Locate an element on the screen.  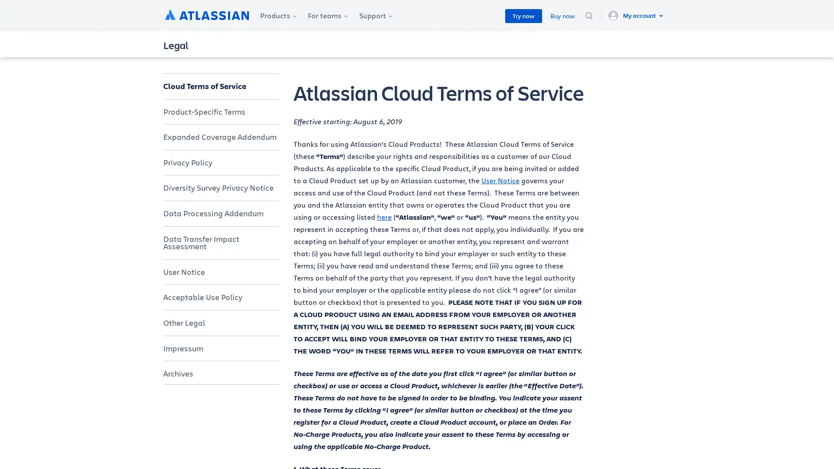
My account open is located at coordinates (636, 15).